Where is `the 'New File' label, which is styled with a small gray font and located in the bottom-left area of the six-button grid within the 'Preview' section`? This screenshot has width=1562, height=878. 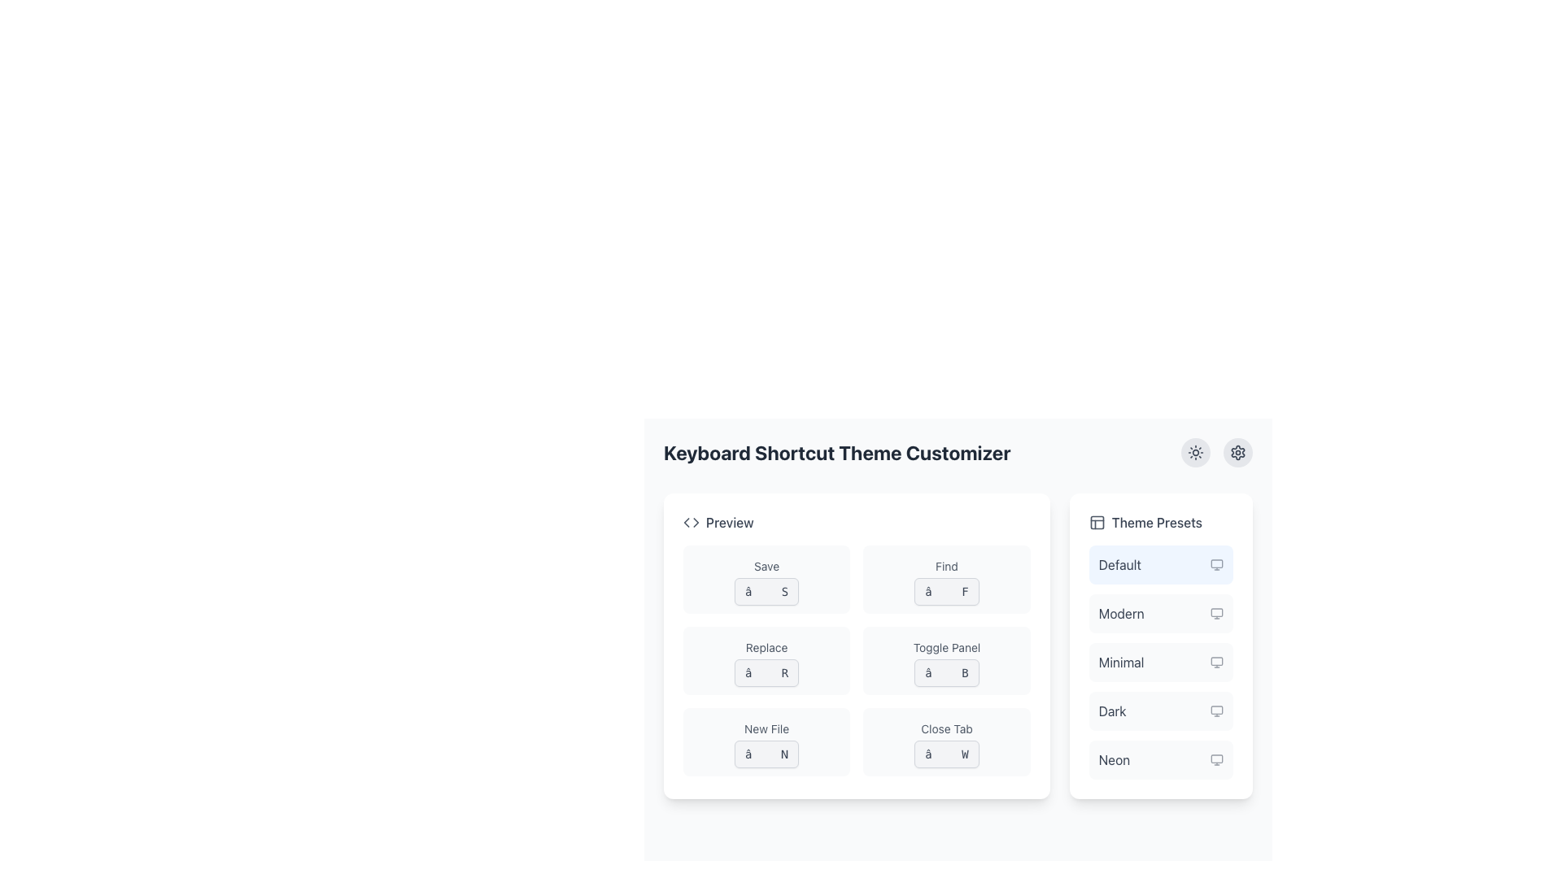 the 'New File' label, which is styled with a small gray font and located in the bottom-left area of the six-button grid within the 'Preview' section is located at coordinates (766, 728).